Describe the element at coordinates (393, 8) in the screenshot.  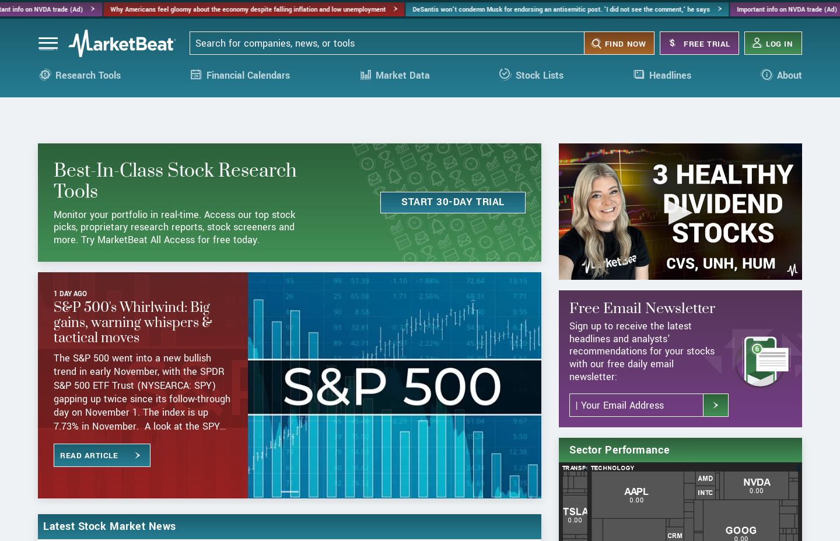
I see `'DeSantis won't condemn Musk for endorsing an antisemitic post. 'I did not see the comment,' he says'` at that location.